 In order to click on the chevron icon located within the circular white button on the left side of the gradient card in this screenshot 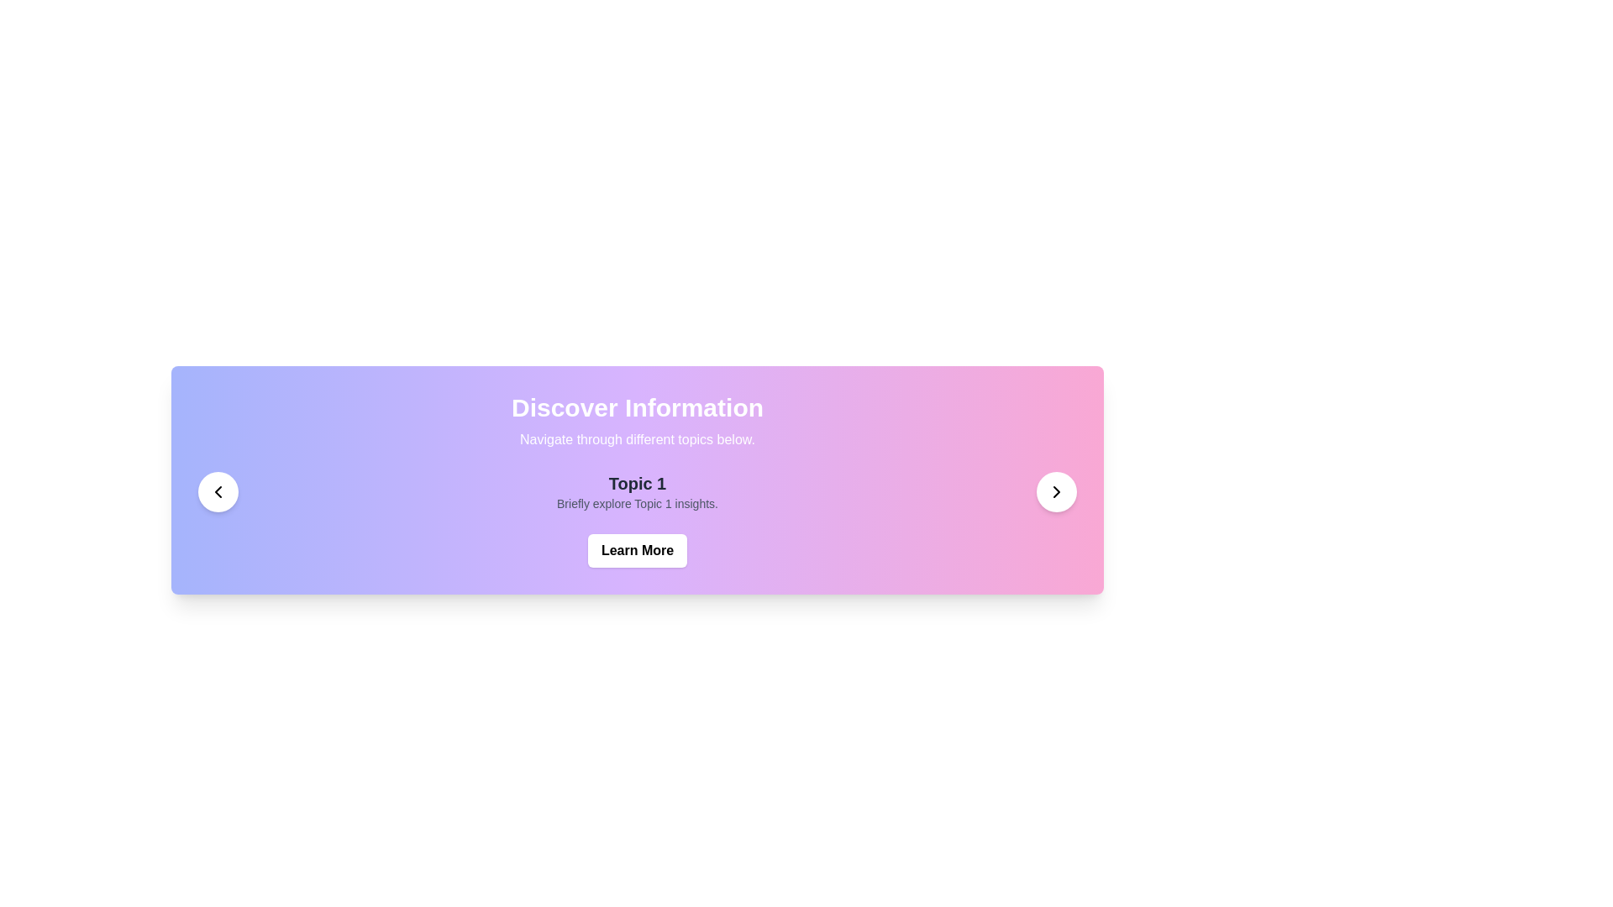, I will do `click(217, 491)`.